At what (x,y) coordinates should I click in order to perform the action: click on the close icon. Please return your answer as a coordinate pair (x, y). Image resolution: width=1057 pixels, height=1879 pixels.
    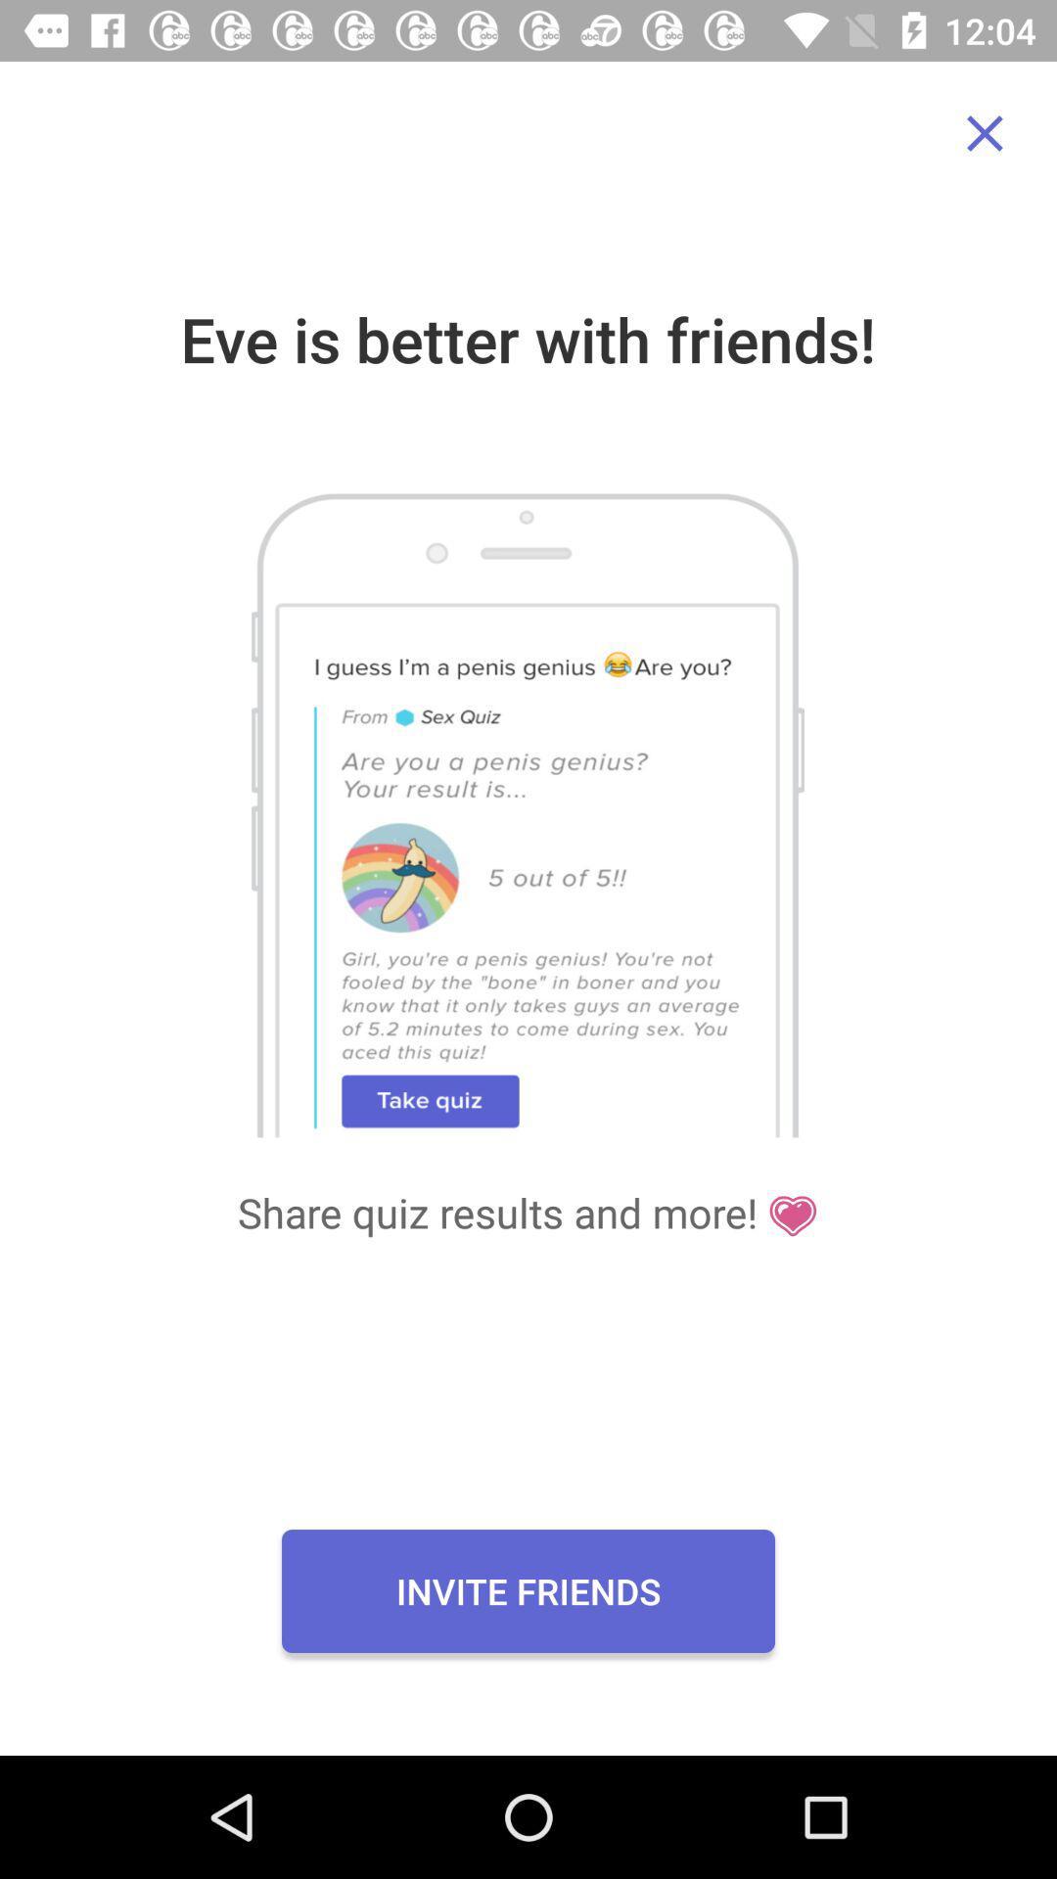
    Looking at the image, I should click on (985, 132).